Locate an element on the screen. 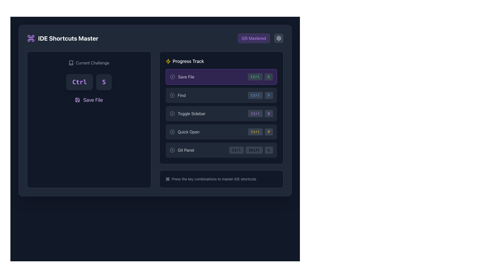 The image size is (488, 274). the prominent header text 'IDE Shortcuts Master', which is styled in bold, large white font against a dark background, located at the top-left corner of the interface is located at coordinates (68, 38).